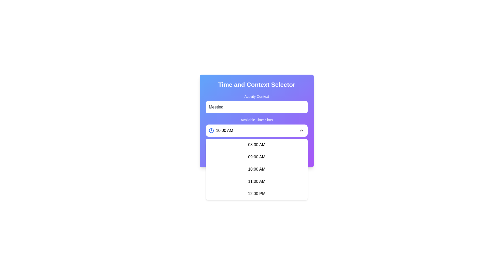 Image resolution: width=489 pixels, height=275 pixels. What do you see at coordinates (302, 130) in the screenshot?
I see `the chevron-up icon button located on the far right side of the time slot selector labeled '10:00 AM'` at bounding box center [302, 130].